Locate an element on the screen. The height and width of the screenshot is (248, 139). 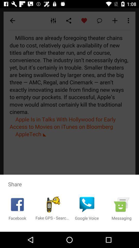
the close icon is located at coordinates (129, 176).